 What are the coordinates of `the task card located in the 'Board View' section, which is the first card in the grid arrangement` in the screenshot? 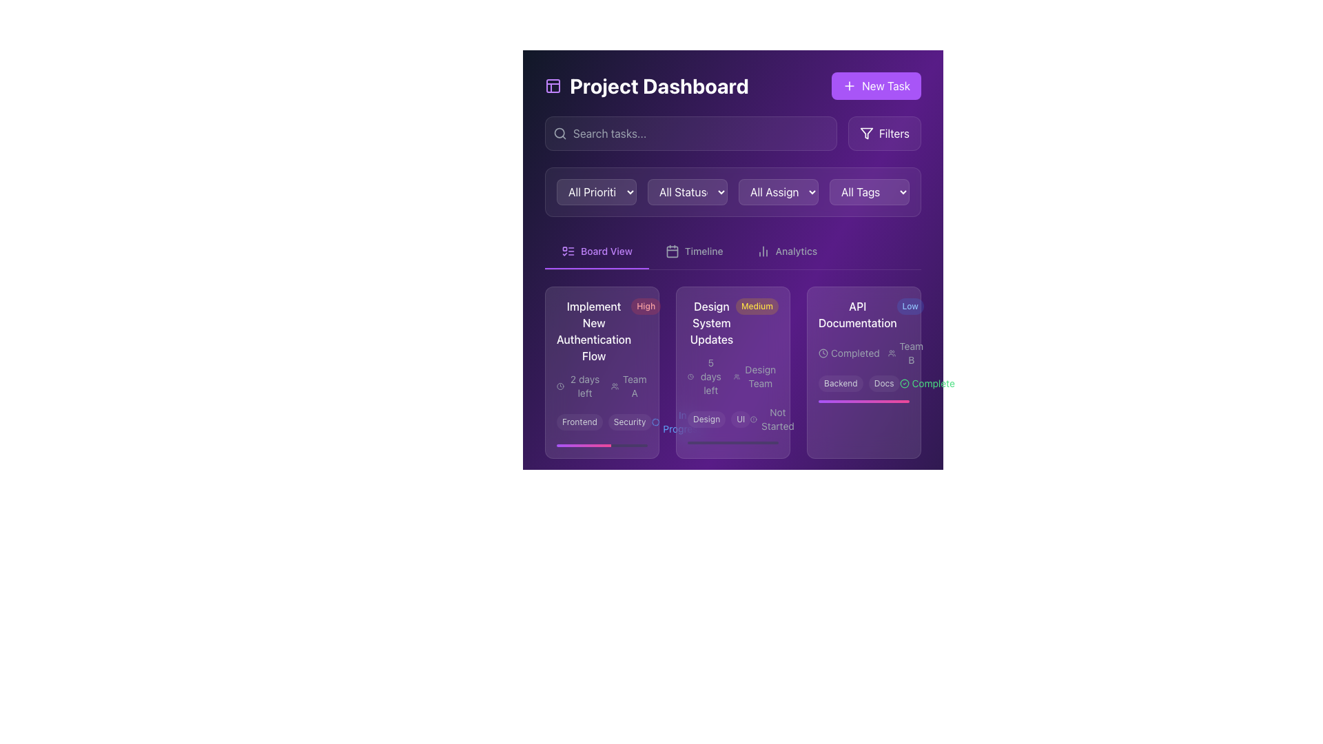 It's located at (602, 372).